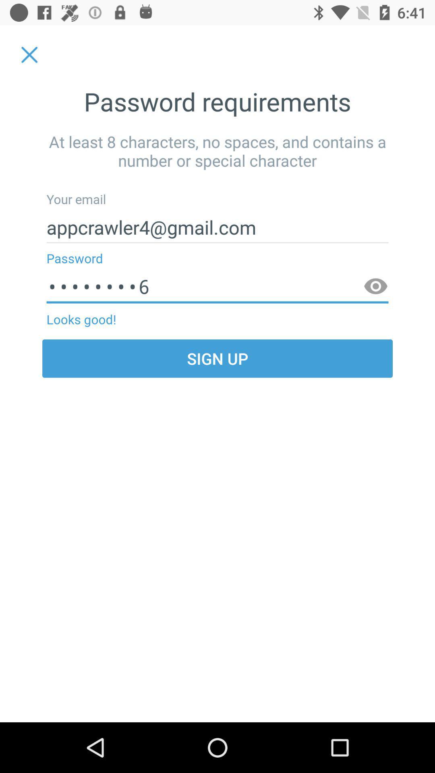 This screenshot has width=435, height=773. What do you see at coordinates (376, 287) in the screenshot?
I see `app to the right of looks good! icon` at bounding box center [376, 287].